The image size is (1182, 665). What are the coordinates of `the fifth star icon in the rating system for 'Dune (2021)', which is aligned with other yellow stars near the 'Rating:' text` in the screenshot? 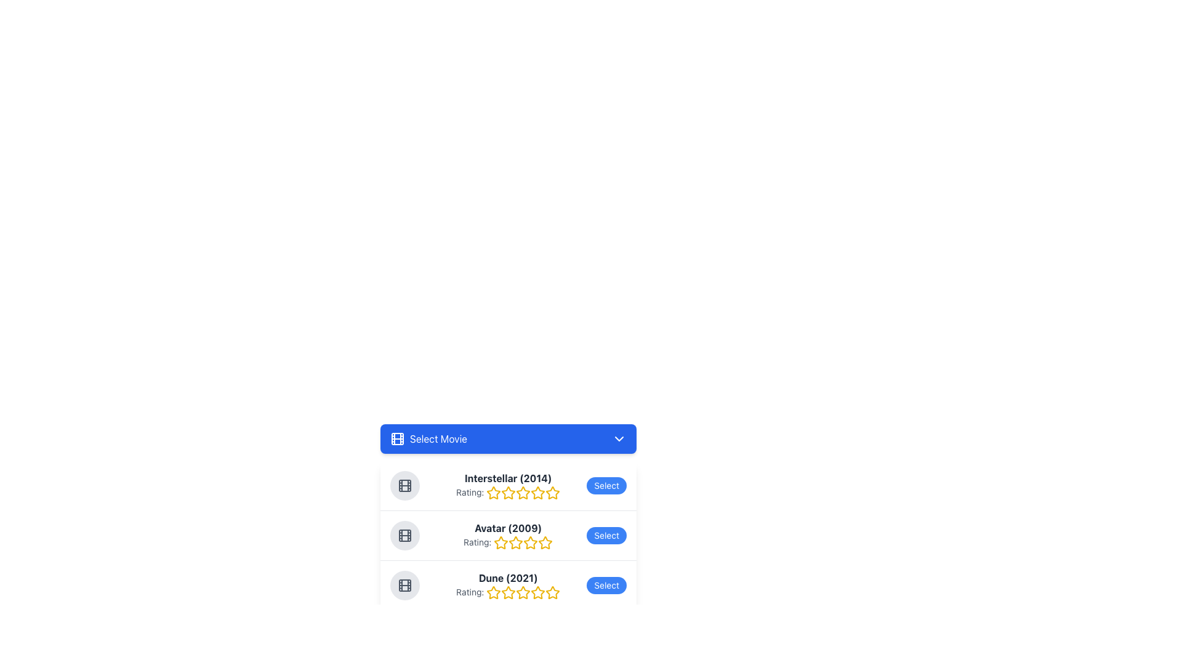 It's located at (538, 592).